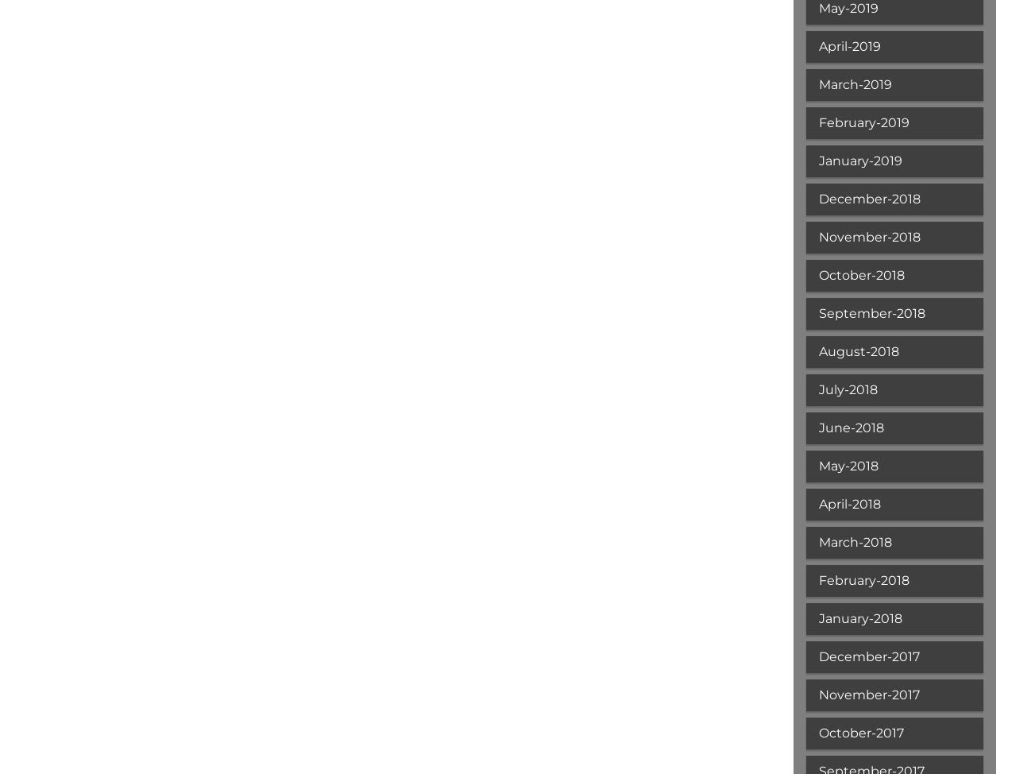 The height and width of the screenshot is (774, 1035). I want to click on 'November-2017', so click(867, 695).